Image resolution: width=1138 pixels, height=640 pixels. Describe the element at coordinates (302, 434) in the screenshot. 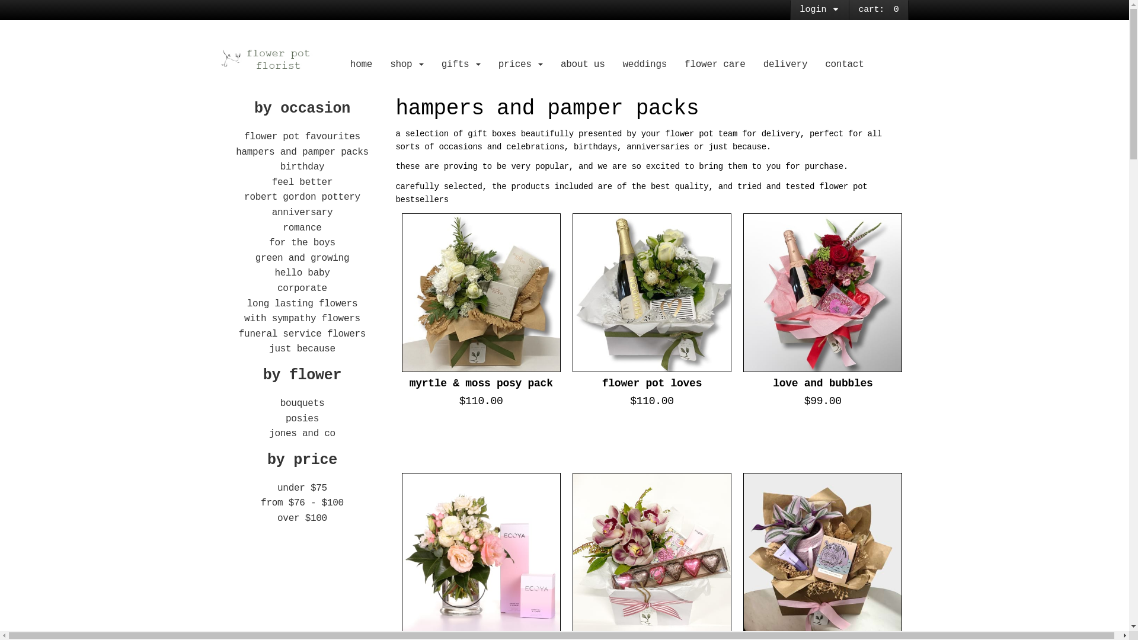

I see `'jones and co'` at that location.